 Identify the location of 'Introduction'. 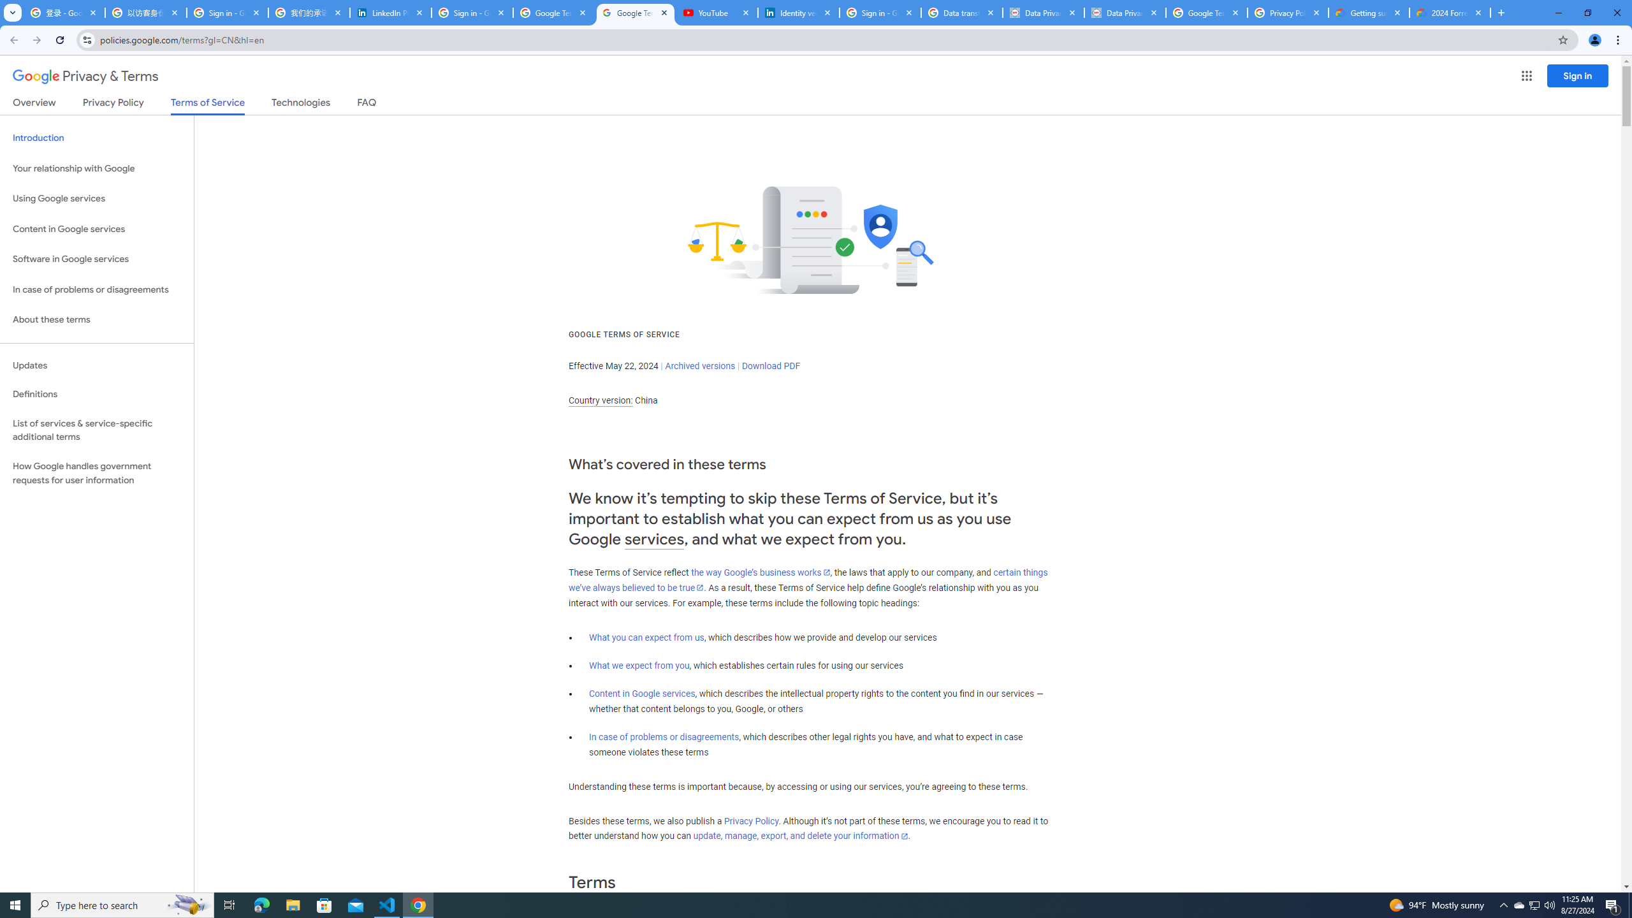
(96, 137).